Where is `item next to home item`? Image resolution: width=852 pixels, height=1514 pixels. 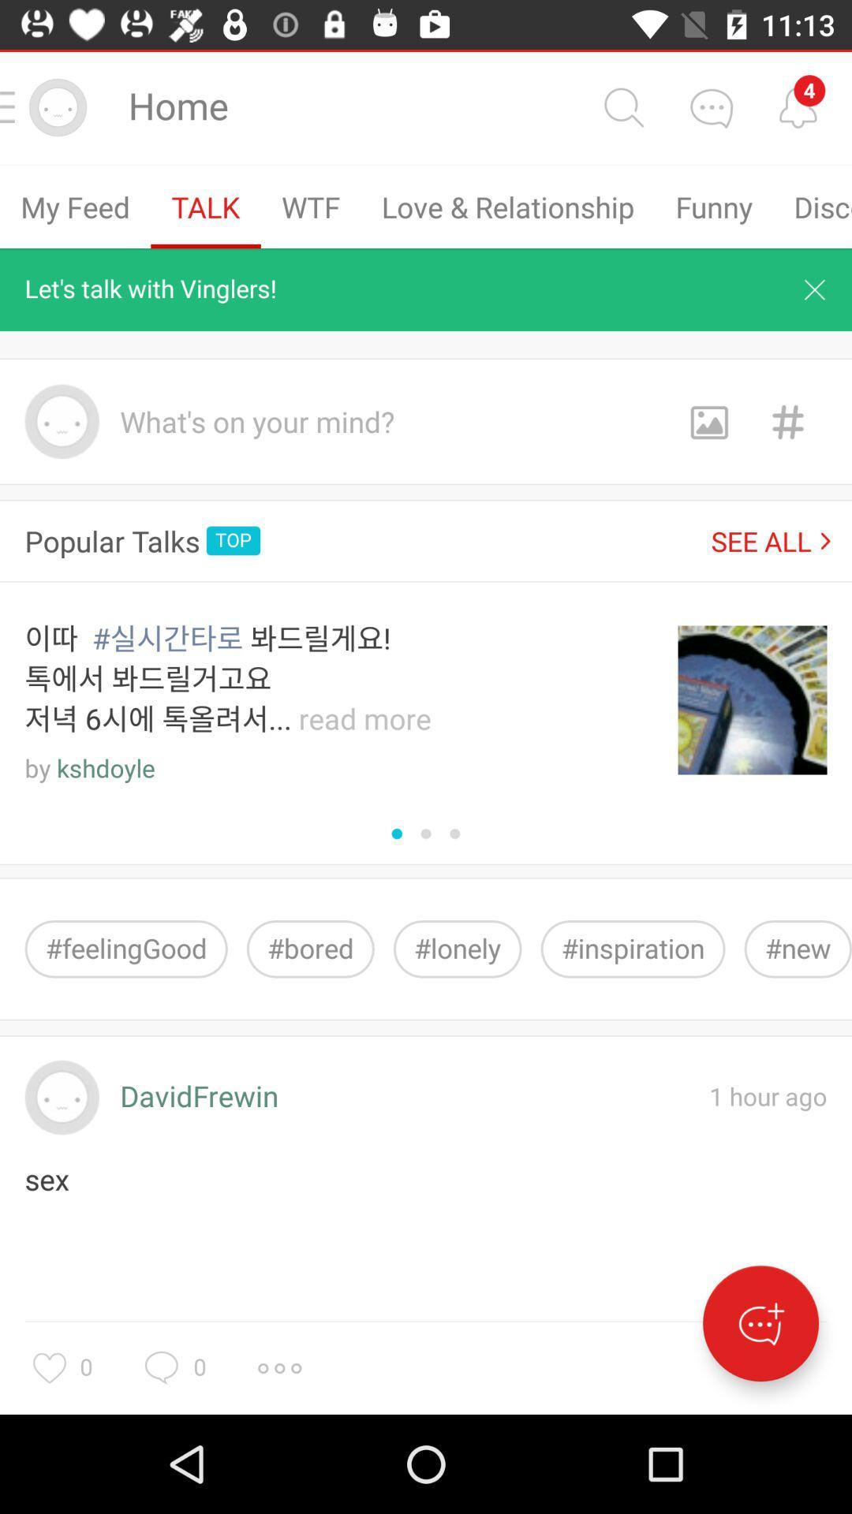
item next to home item is located at coordinates (622, 106).